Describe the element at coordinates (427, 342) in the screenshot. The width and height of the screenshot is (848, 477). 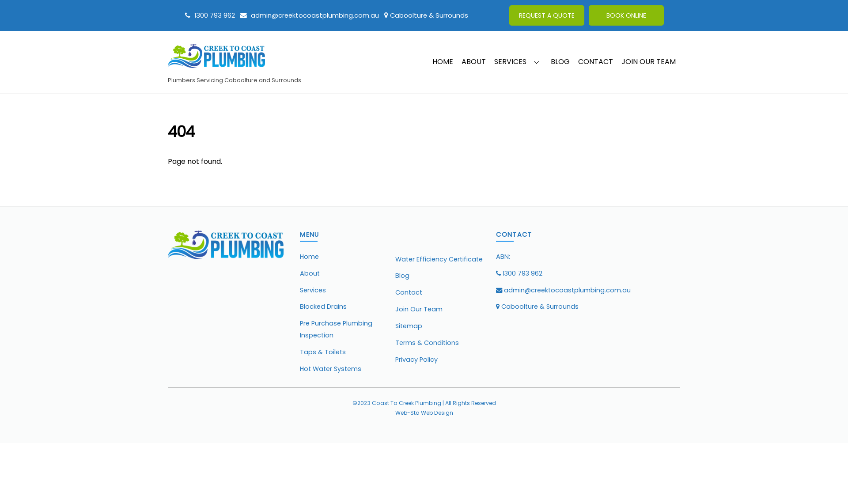
I see `'Terms & Conditions'` at that location.